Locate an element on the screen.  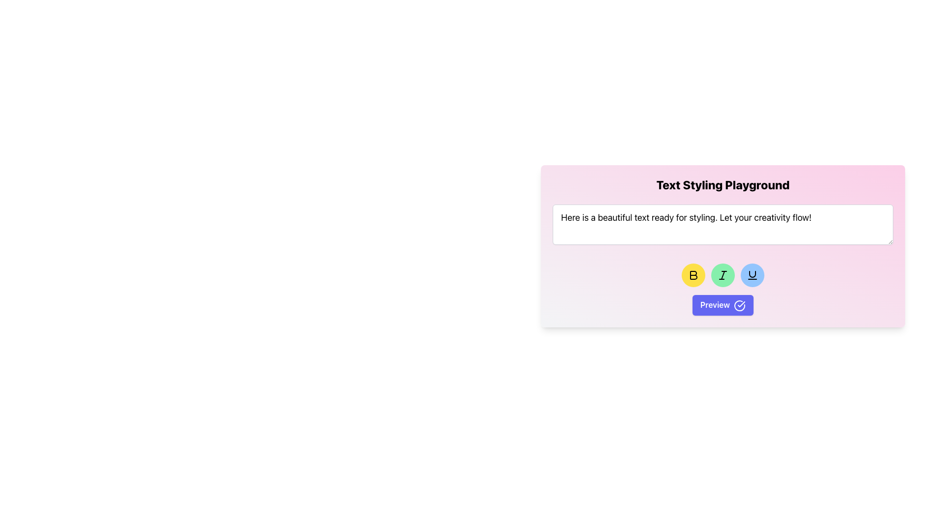
the graphical icon of a circle with a check mark, located to the right of the 'Preview' button is located at coordinates (739, 305).